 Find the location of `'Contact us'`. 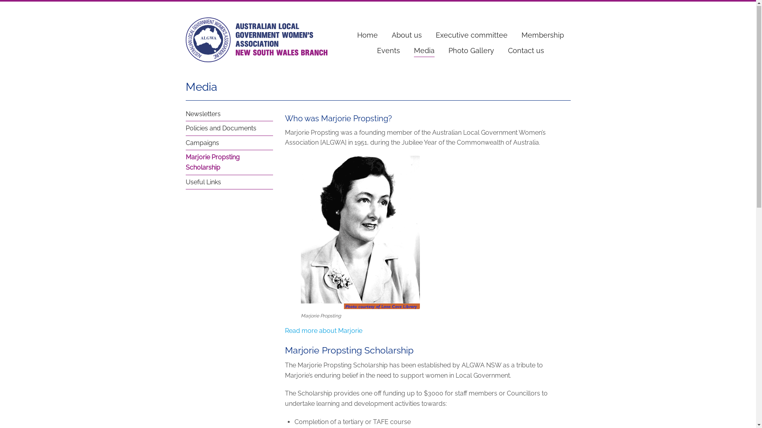

'Contact us' is located at coordinates (508, 51).